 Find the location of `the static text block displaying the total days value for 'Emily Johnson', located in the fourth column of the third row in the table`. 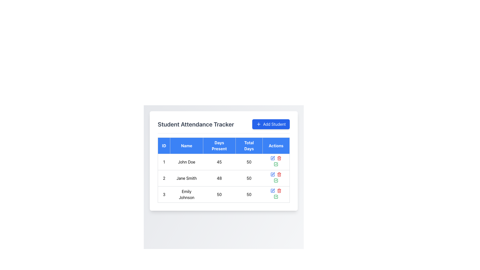

the static text block displaying the total days value for 'Emily Johnson', located in the fourth column of the third row in the table is located at coordinates (249, 194).